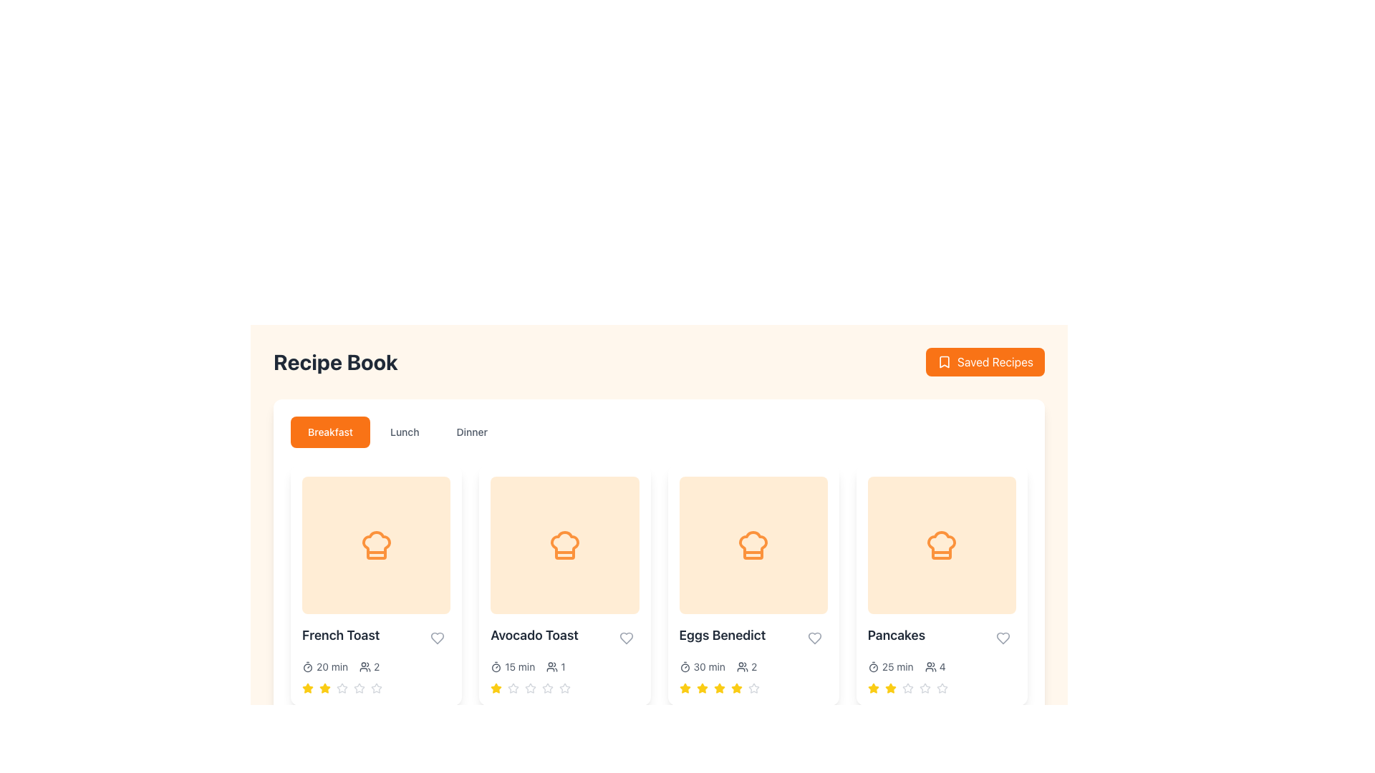 The image size is (1375, 773). Describe the element at coordinates (746, 667) in the screenshot. I see `the Icon with Text indicating the number of servings for the recipe 'Eggs Benedict', which is positioned below '30 min' and to the right of the time estimation` at that location.